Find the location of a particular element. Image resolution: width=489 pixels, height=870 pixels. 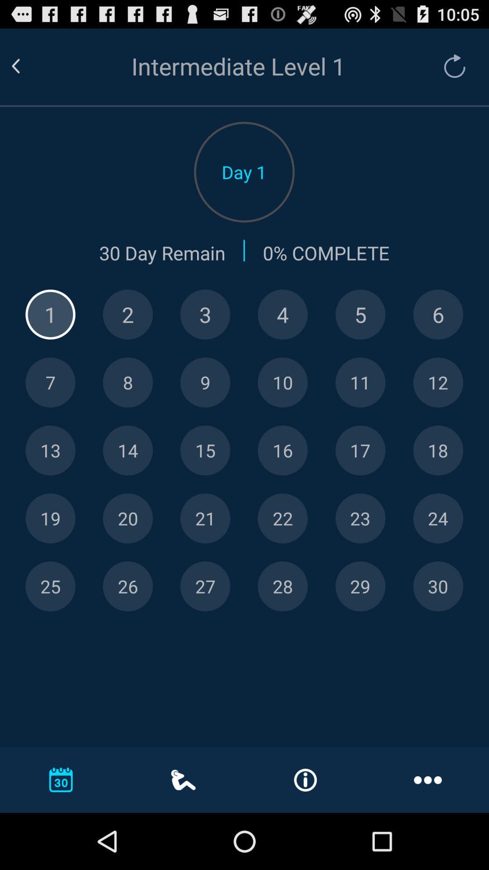

day 15 is located at coordinates (205, 450).